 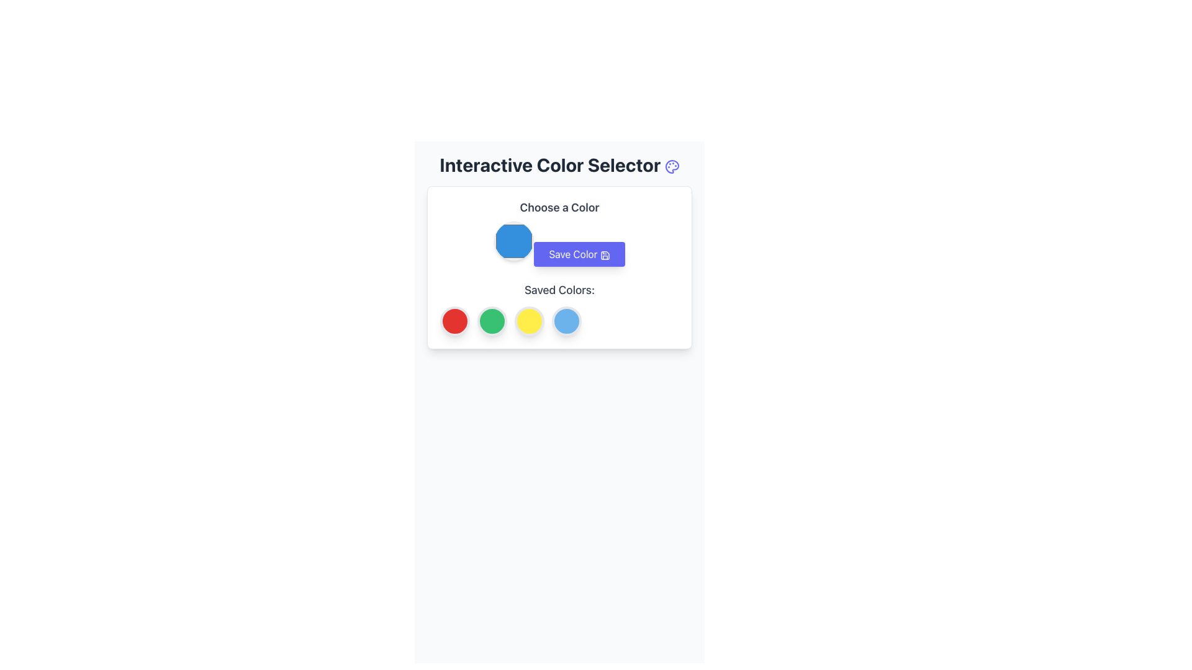 I want to click on the color input in the Color Picker labeled 'Choose a Color', so click(x=514, y=241).